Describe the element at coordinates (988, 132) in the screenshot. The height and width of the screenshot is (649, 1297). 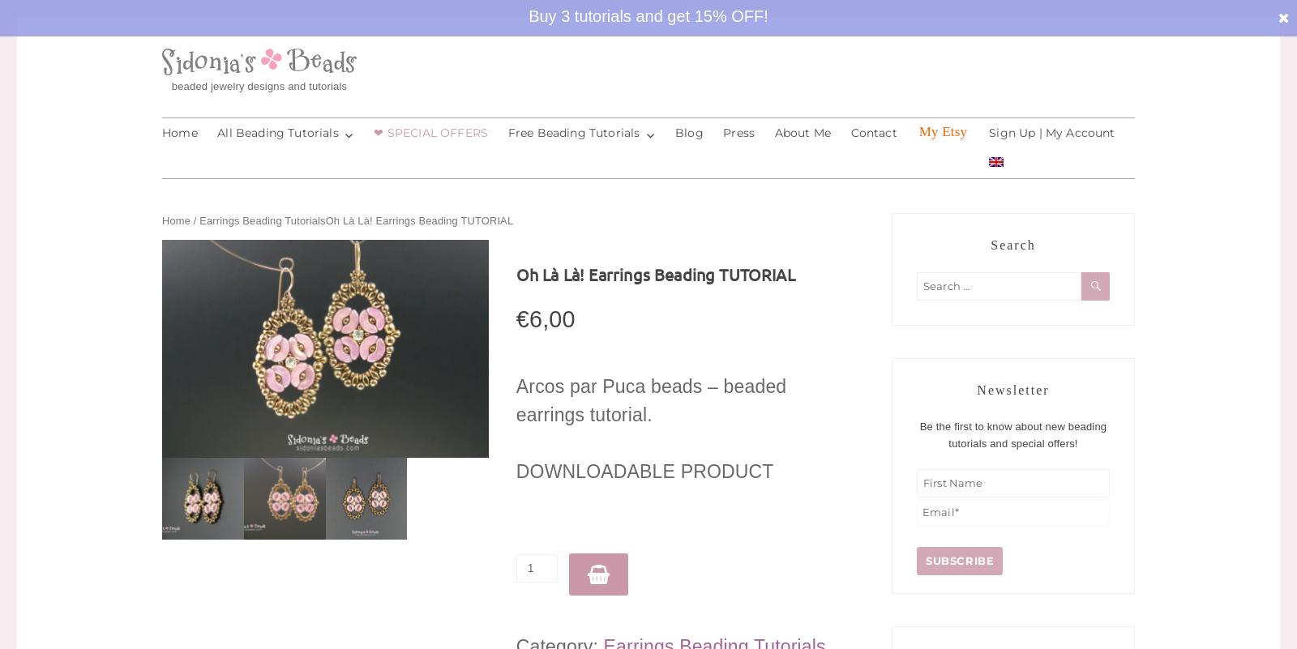
I see `'Sign Up | My Account'` at that location.